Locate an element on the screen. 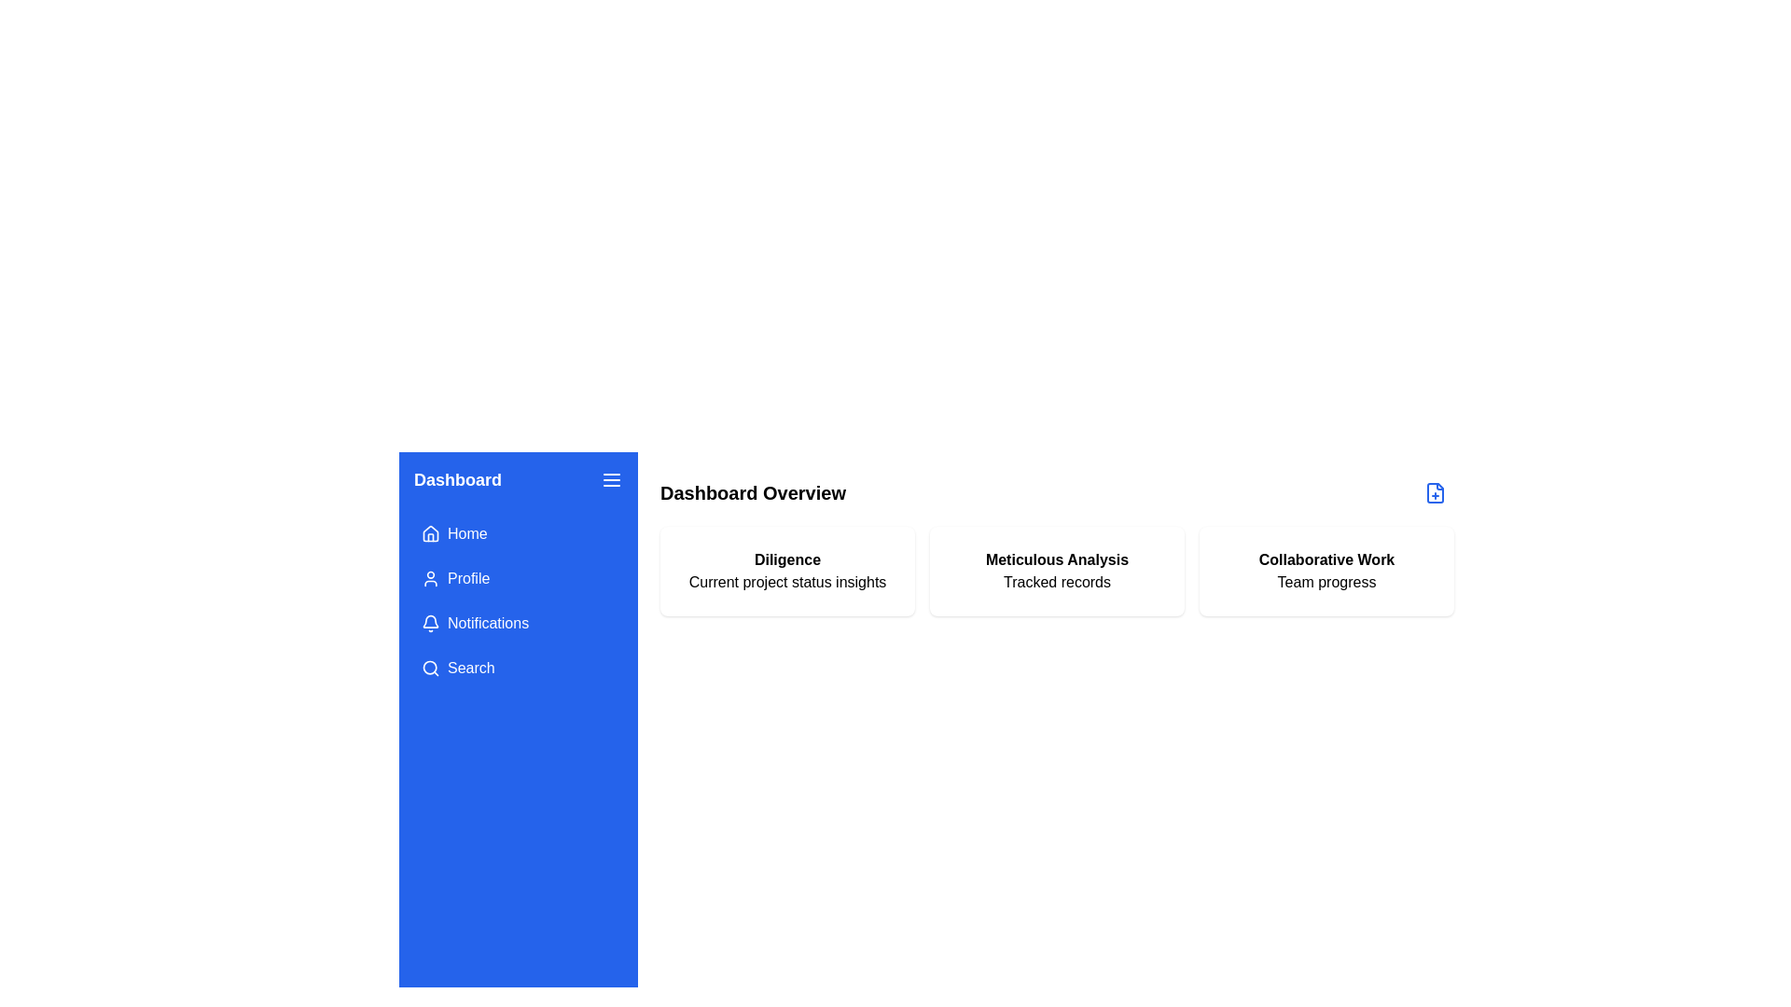 The image size is (1791, 1007). the bold text label displaying 'Dashboard' in the left vertical navigation menu, which is styled prominently against a blue background is located at coordinates (457, 479).